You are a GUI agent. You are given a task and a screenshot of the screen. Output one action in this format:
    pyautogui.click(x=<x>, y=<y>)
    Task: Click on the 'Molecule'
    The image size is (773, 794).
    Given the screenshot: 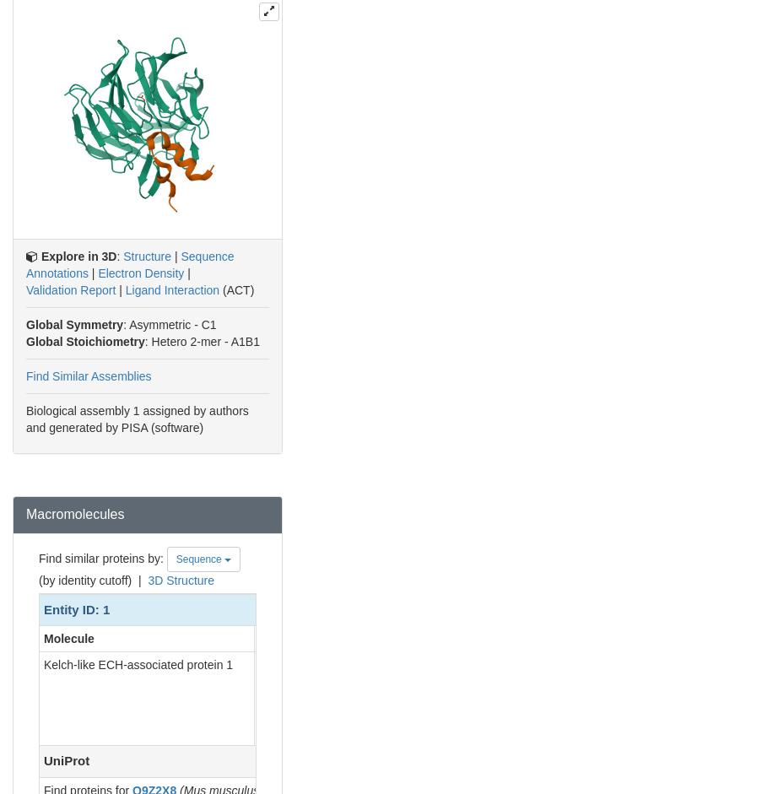 What is the action you would take?
    pyautogui.click(x=68, y=638)
    